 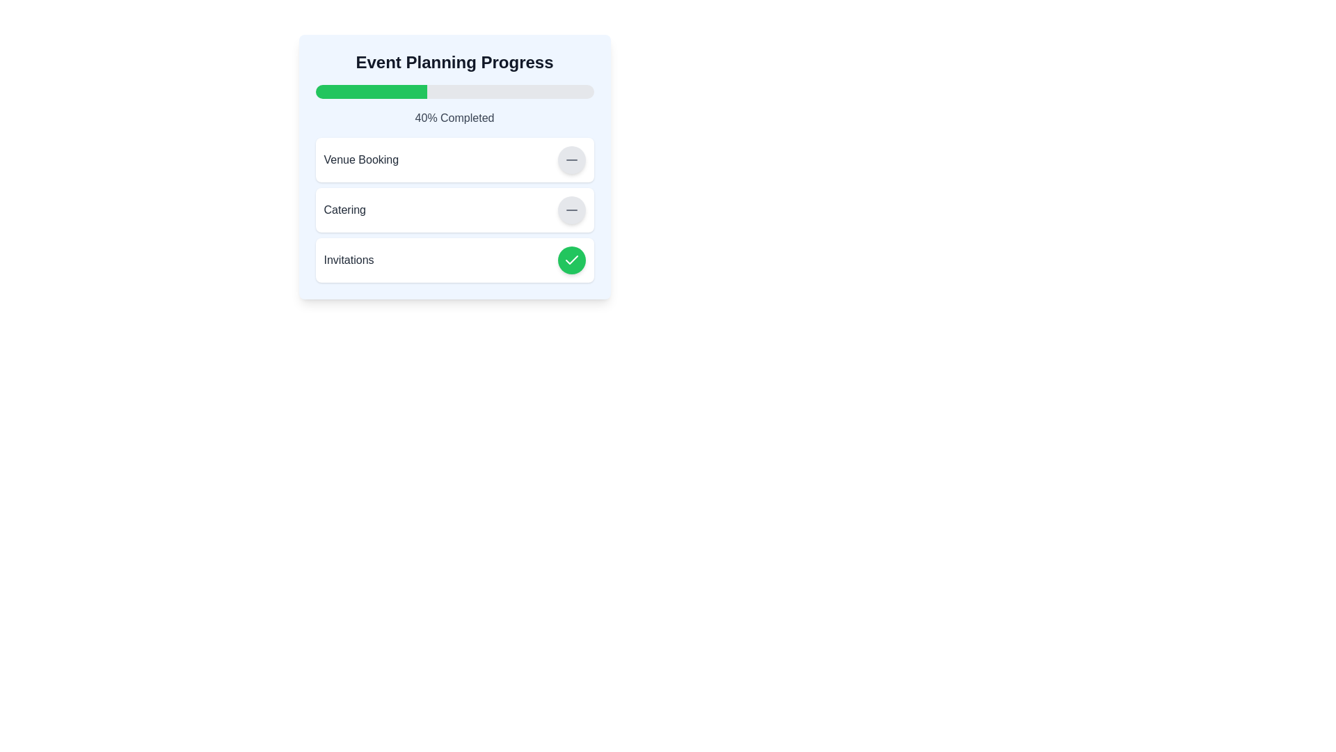 I want to click on green circular checkmark icon next to the 'Invitations' item in the task list for visual details, so click(x=571, y=260).